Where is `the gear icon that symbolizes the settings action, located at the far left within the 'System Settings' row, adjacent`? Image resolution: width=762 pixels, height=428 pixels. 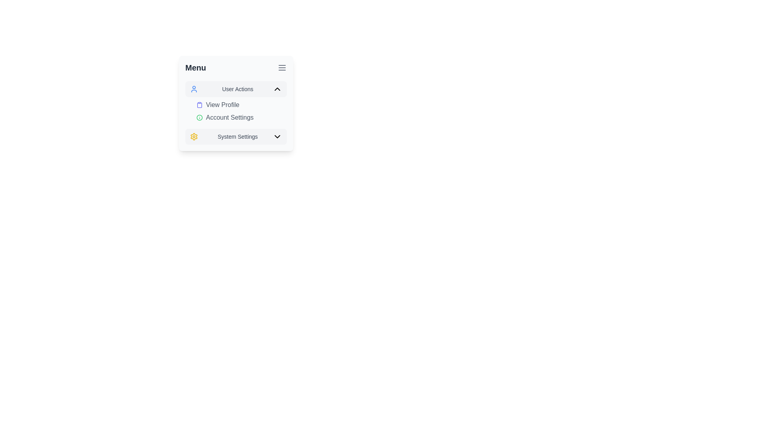
the gear icon that symbolizes the settings action, located at the far left within the 'System Settings' row, adjacent is located at coordinates (194, 136).